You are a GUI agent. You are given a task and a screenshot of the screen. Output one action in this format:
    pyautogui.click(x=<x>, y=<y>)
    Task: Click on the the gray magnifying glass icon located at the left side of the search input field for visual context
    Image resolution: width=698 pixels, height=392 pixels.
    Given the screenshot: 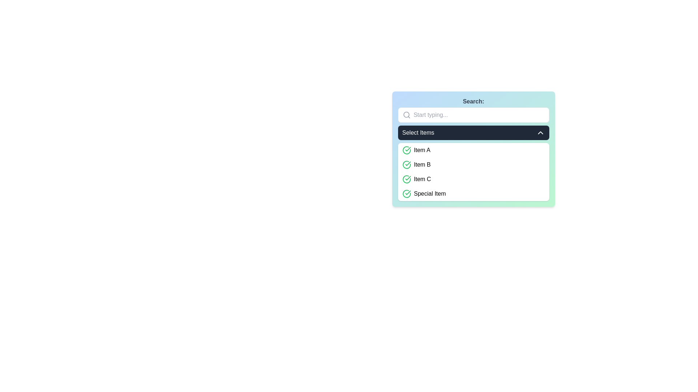 What is the action you would take?
    pyautogui.click(x=406, y=114)
    